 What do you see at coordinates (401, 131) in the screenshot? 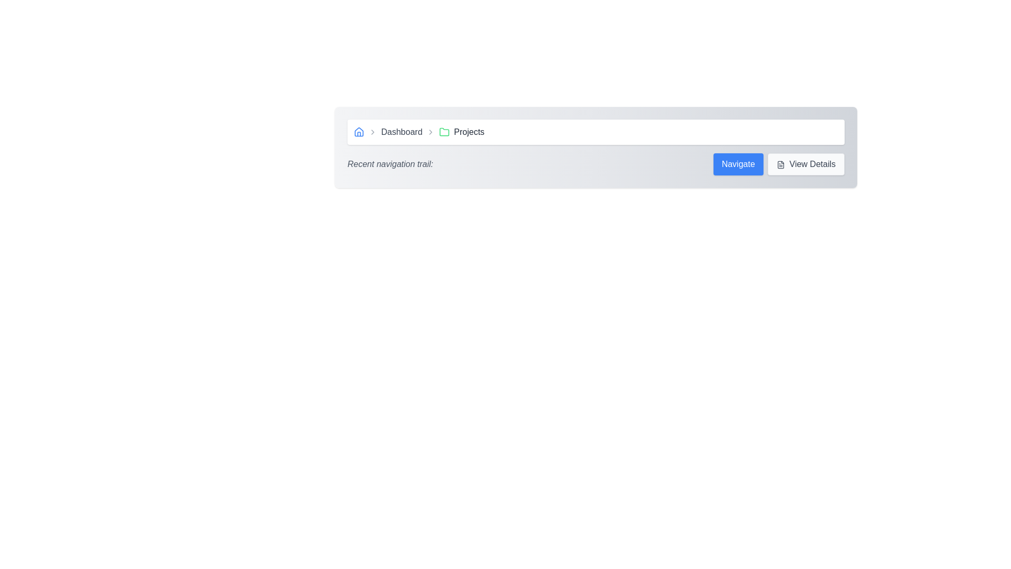
I see `the 'Dashboard' text label in the breadcrumb navigation bar, which is styled in gray and positioned between the 'Home' icon and the 'Projects' label` at bounding box center [401, 131].